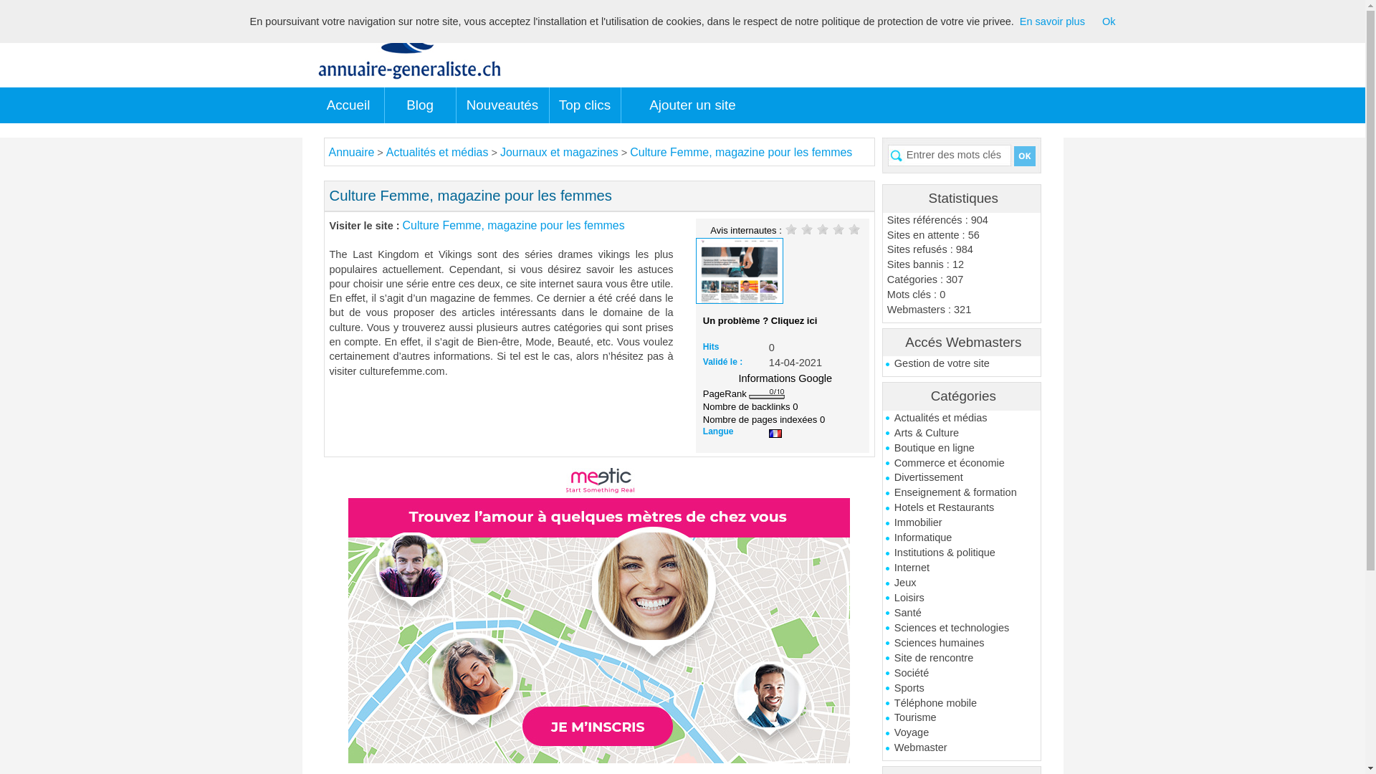 The image size is (1376, 774). What do you see at coordinates (962, 583) in the screenshot?
I see `'Jeux'` at bounding box center [962, 583].